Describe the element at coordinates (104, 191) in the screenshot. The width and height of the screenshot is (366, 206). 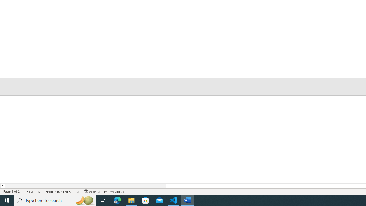
I see `'Accessibility Checker Accessibility: Investigate'` at that location.